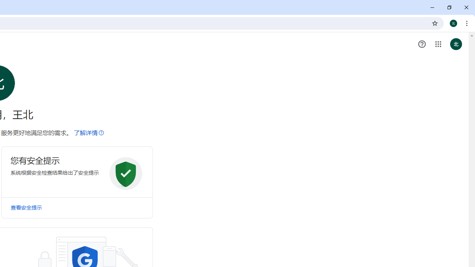  Describe the element at coordinates (466, 7) in the screenshot. I see `'Close'` at that location.